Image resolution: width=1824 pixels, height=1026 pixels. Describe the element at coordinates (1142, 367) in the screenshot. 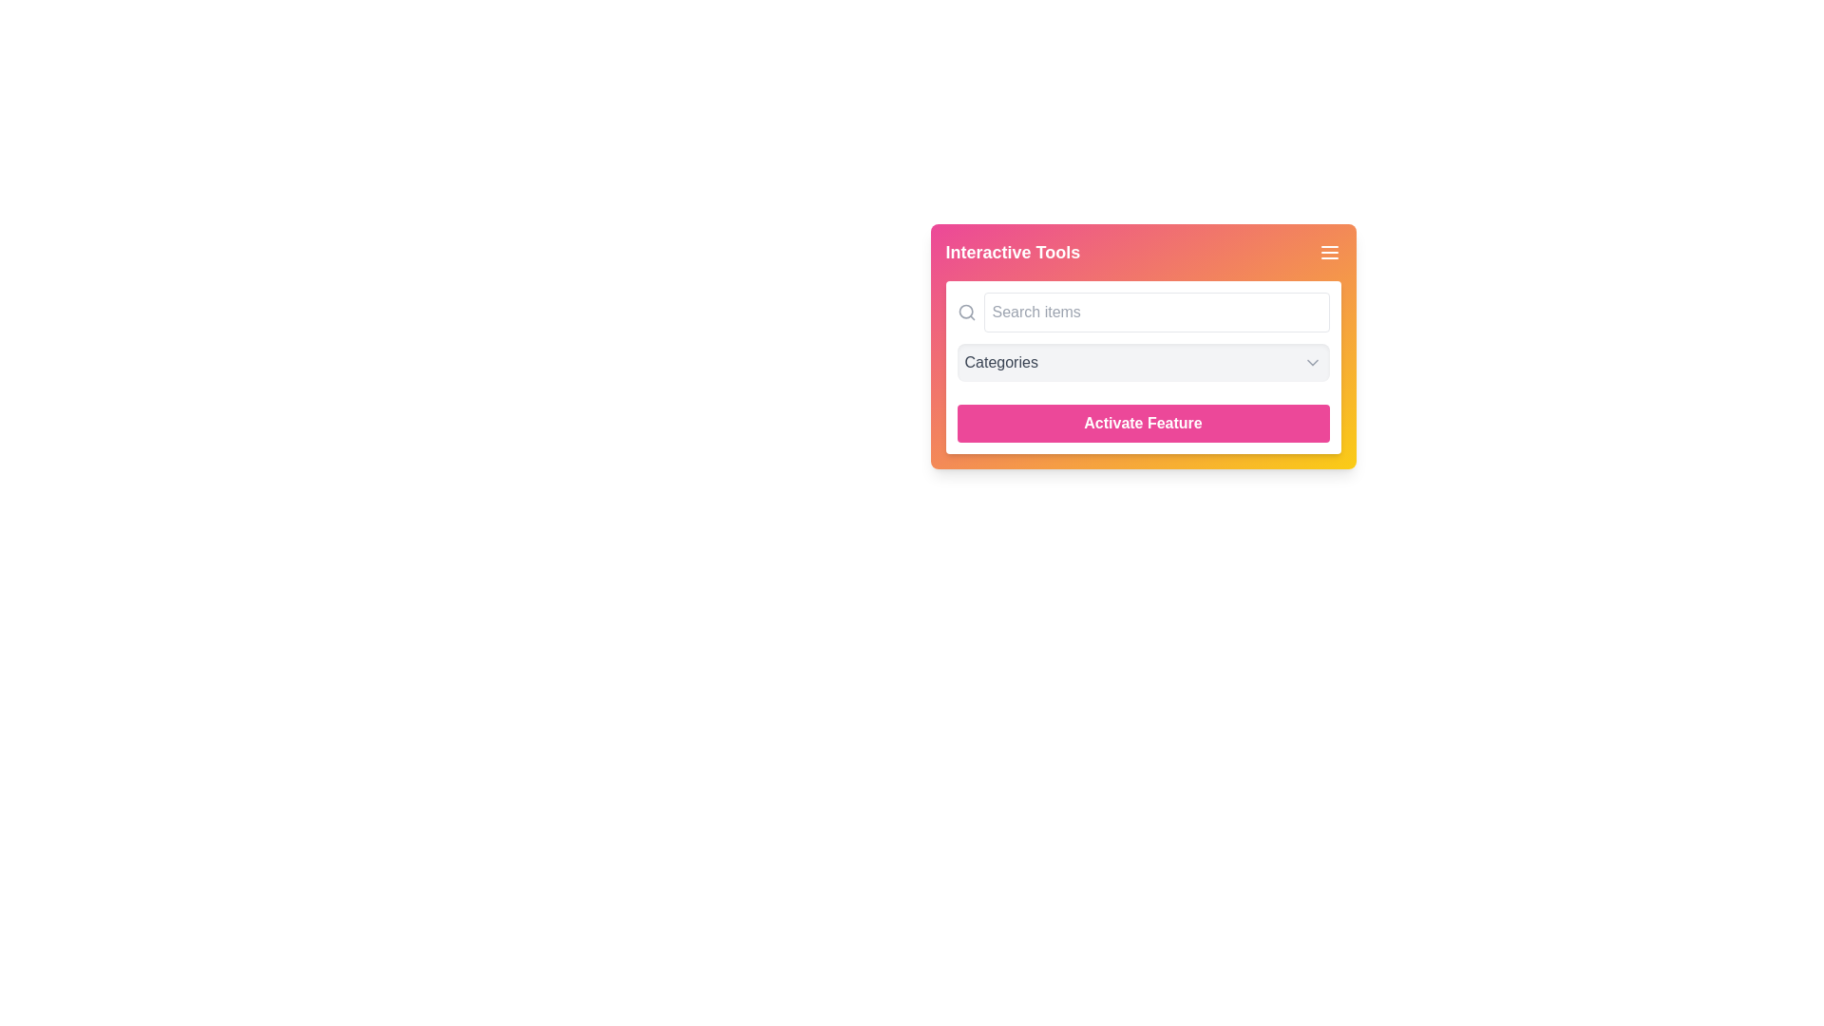

I see `the dropdown within the category selection tool located in the multi-colored gradient box titled 'Interactive Tools'` at that location.